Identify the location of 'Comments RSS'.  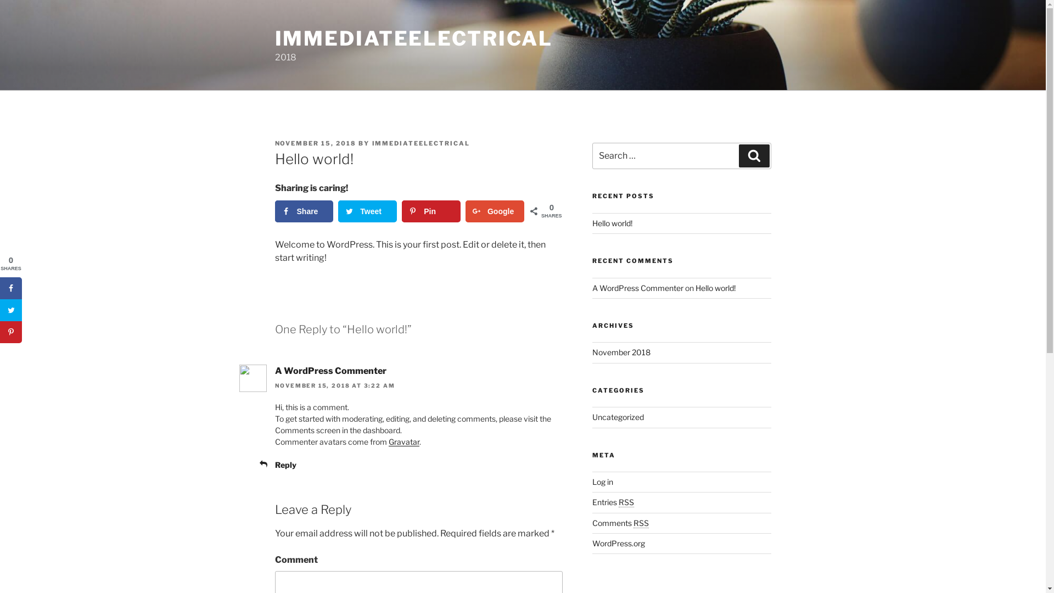
(620, 522).